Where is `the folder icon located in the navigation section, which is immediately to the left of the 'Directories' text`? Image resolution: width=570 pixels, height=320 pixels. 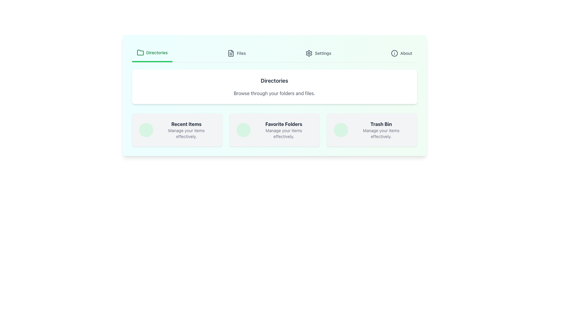
the folder icon located in the navigation section, which is immediately to the left of the 'Directories' text is located at coordinates (140, 52).